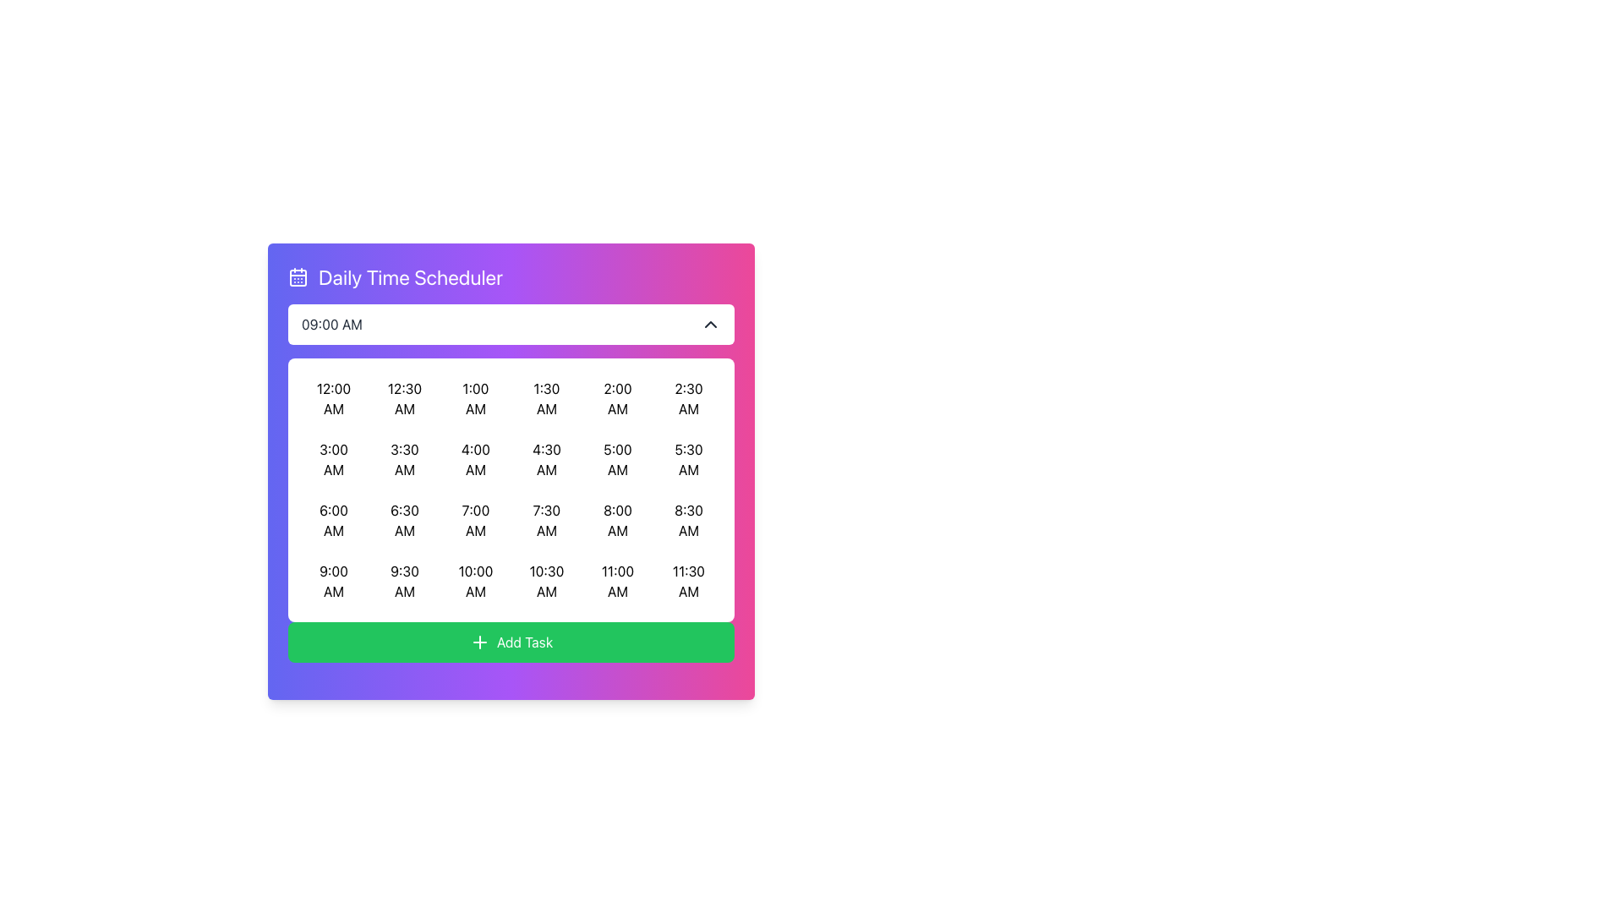 The width and height of the screenshot is (1623, 913). I want to click on text displayed in the time display label located in the upper section of the scheduler interface, which is part of an interactive dropdown control, so click(332, 325).